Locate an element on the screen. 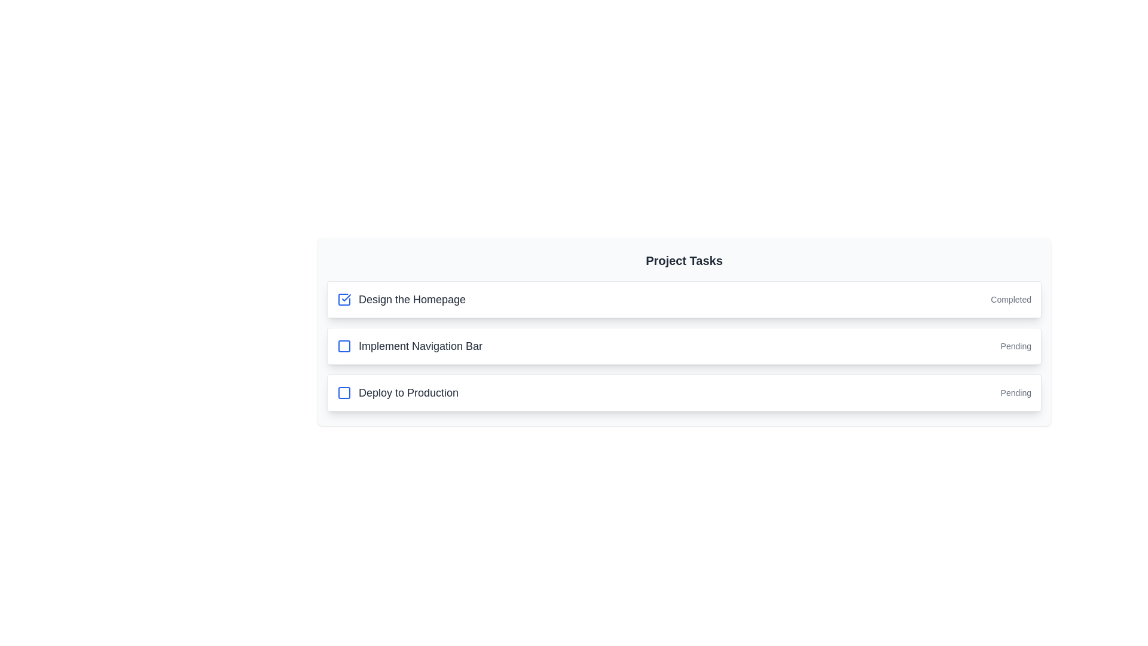 The image size is (1148, 646). the third task item in the task list, which is located between 'Implement Navigation Bar' and the next task item is located at coordinates (684, 392).